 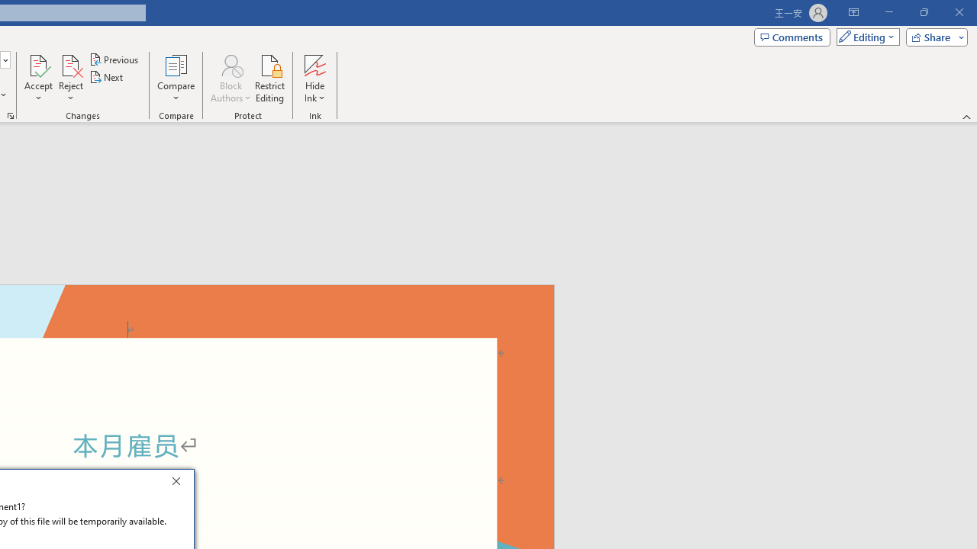 What do you see at coordinates (933, 36) in the screenshot?
I see `'Share'` at bounding box center [933, 36].